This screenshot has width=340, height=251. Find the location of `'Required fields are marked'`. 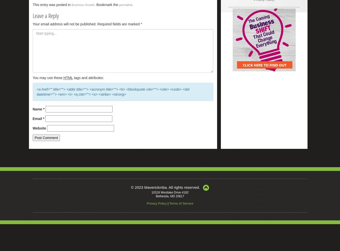

'Required fields are marked' is located at coordinates (118, 24).